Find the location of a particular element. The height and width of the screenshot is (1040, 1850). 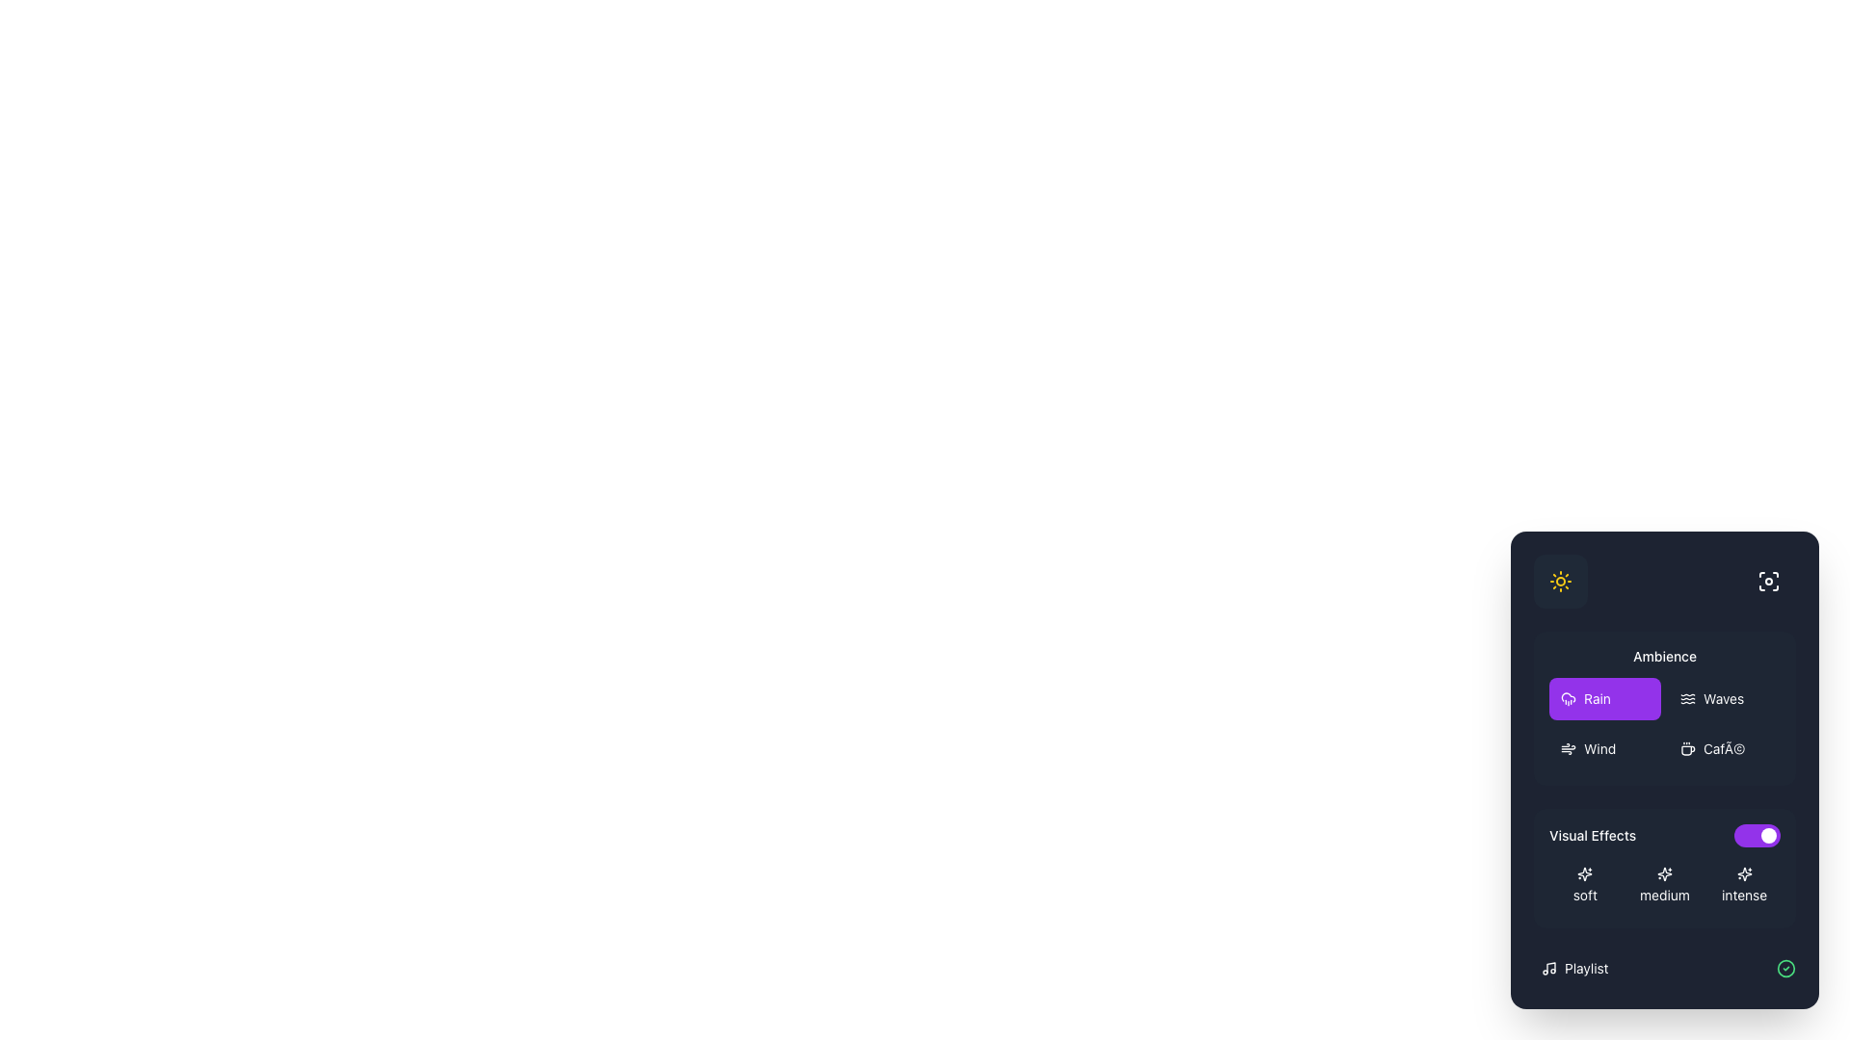

the text label displaying 'Wind', which is styled in white on a dark blue background, located in the 'Ambience' section of the UI is located at coordinates (1599, 748).